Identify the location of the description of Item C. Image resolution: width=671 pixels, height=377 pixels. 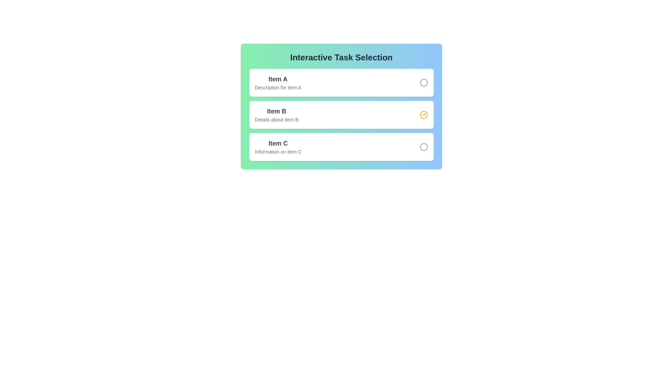
(277, 146).